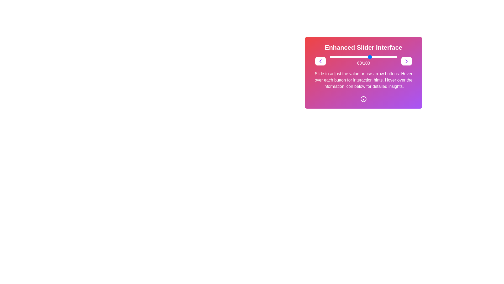 The image size is (504, 284). Describe the element at coordinates (366, 57) in the screenshot. I see `the slider` at that location.